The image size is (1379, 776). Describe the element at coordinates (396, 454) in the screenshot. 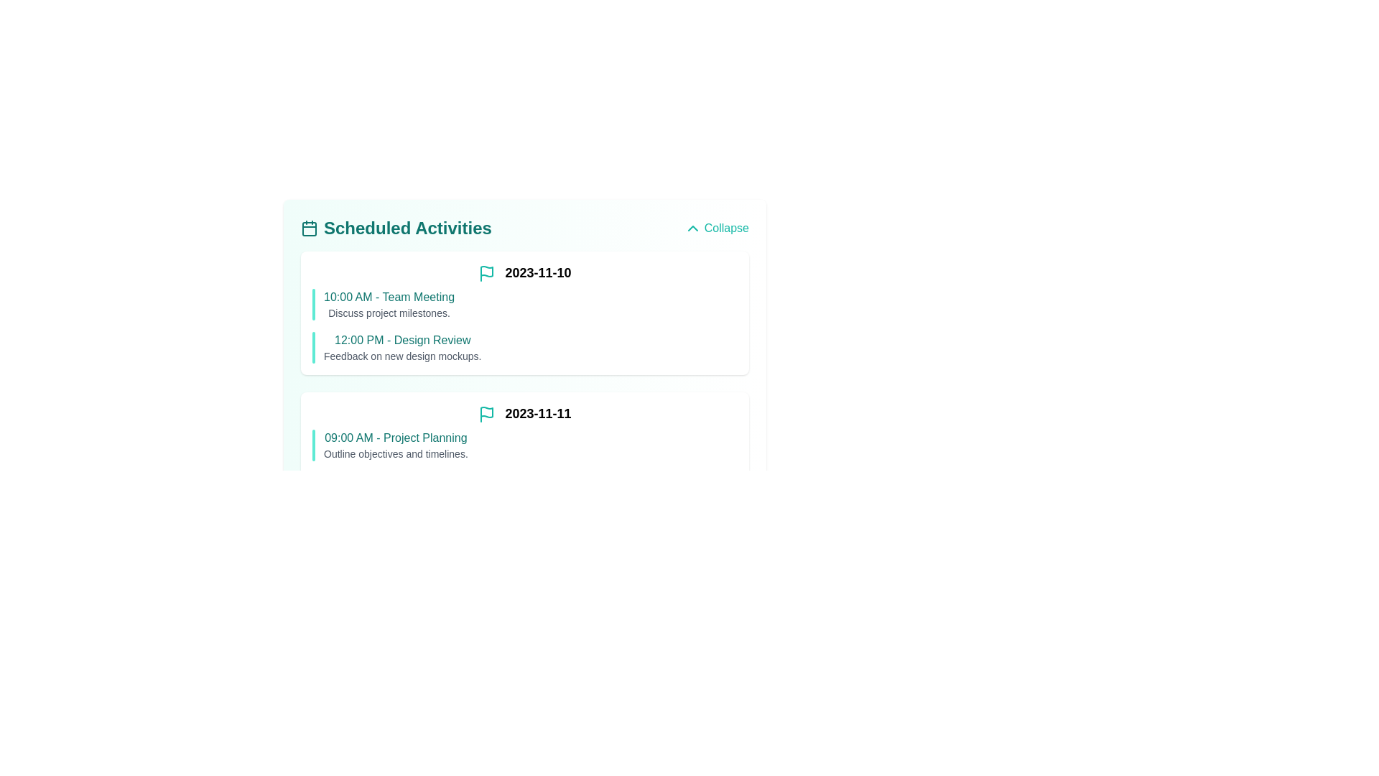

I see `text displaying 'Outline objectives and timelines.' located below the primary heading '09:00 AM - Project Planning' in the scheduled event section for '2023-11-11'` at that location.